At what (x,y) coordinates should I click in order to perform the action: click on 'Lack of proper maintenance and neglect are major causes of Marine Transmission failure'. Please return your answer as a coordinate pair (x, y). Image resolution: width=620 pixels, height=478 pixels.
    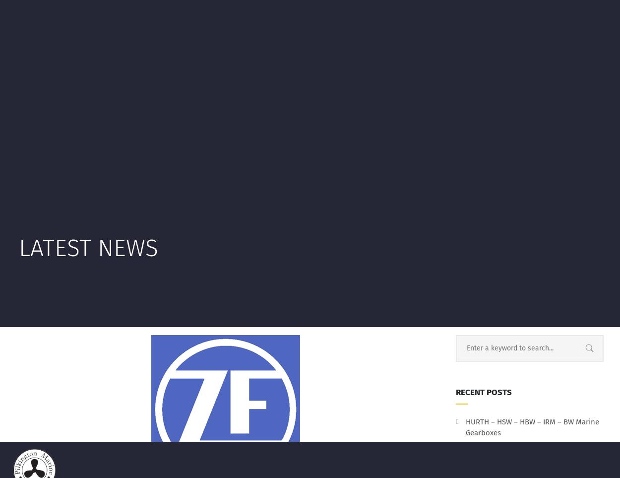
    Looking at the image, I should click on (524, 92).